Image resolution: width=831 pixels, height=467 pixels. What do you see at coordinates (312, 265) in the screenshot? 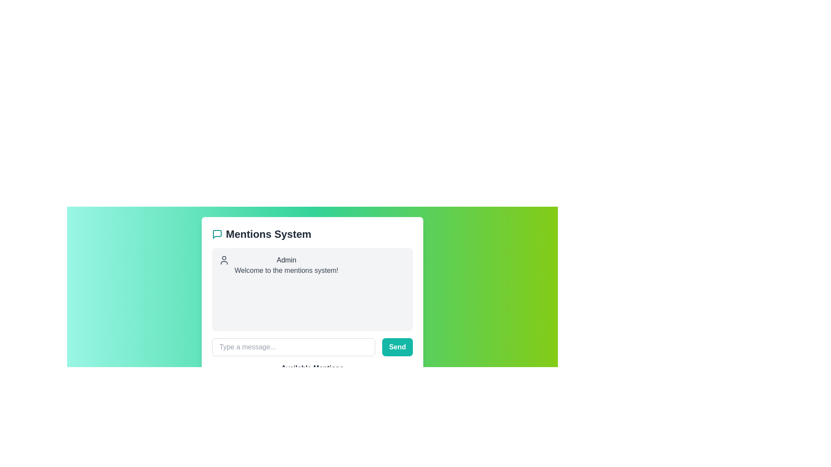
I see `the username in the User mention component or notification block that displays the Admin role` at bounding box center [312, 265].